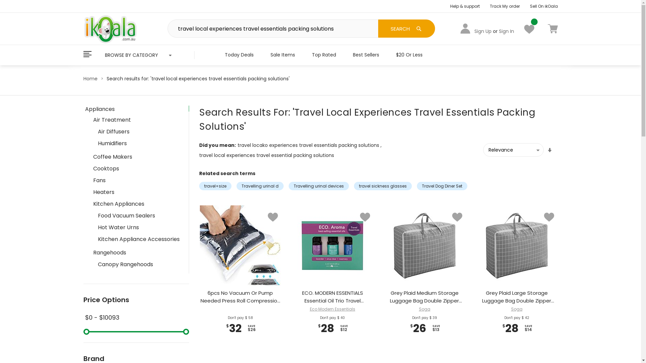 This screenshot has height=363, width=646. Describe the element at coordinates (138, 264) in the screenshot. I see `'Canopy Rangehoods'` at that location.